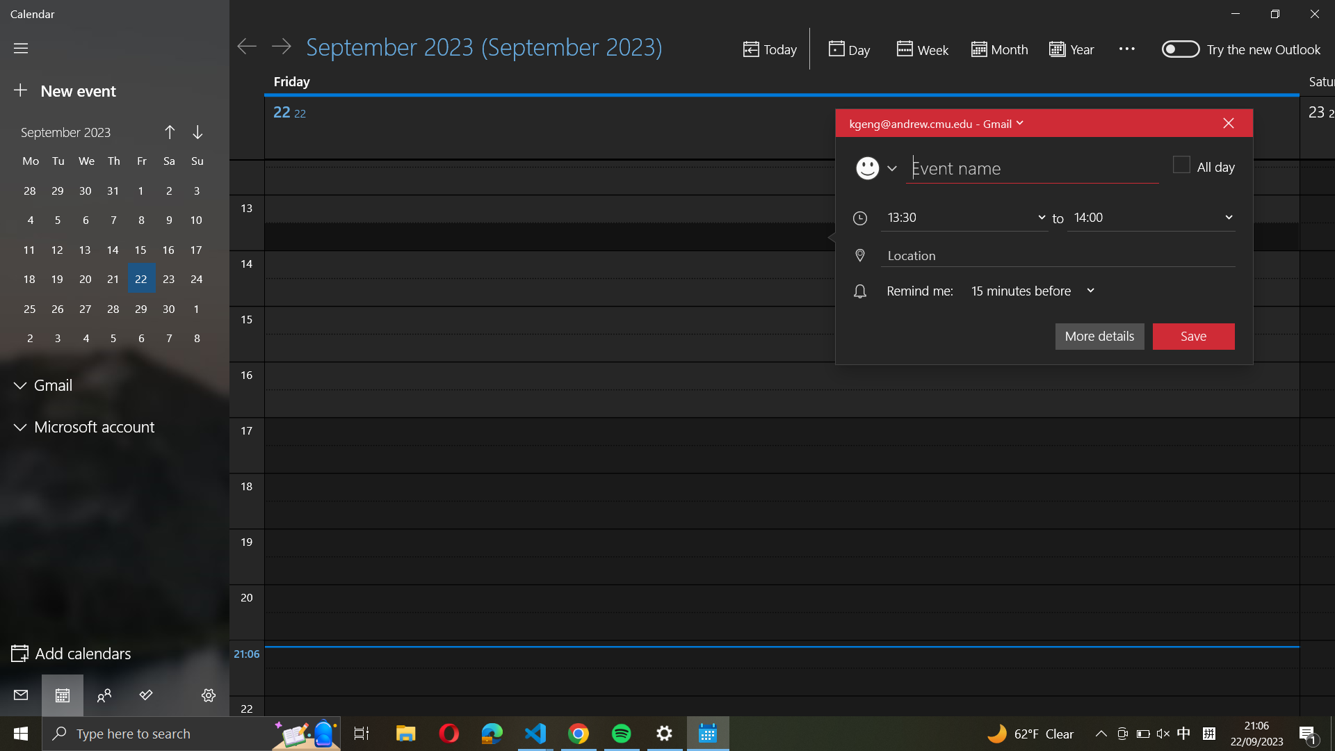 This screenshot has width=1335, height=751. I want to click on Update the event account information, so click(934, 122).